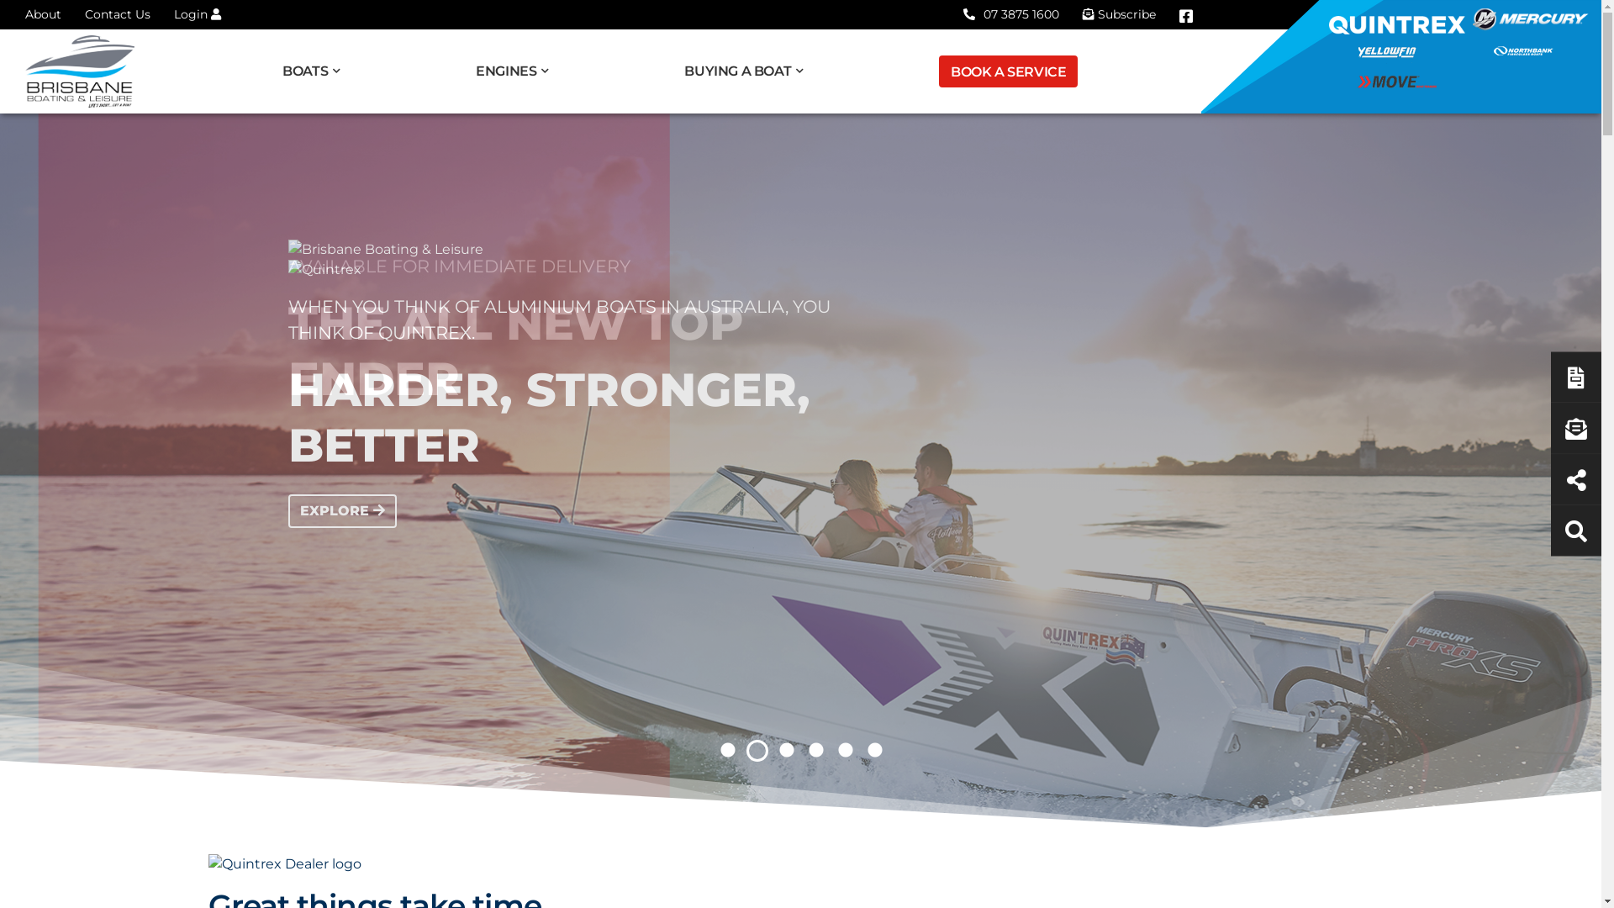  What do you see at coordinates (726, 749) in the screenshot?
I see `'1'` at bounding box center [726, 749].